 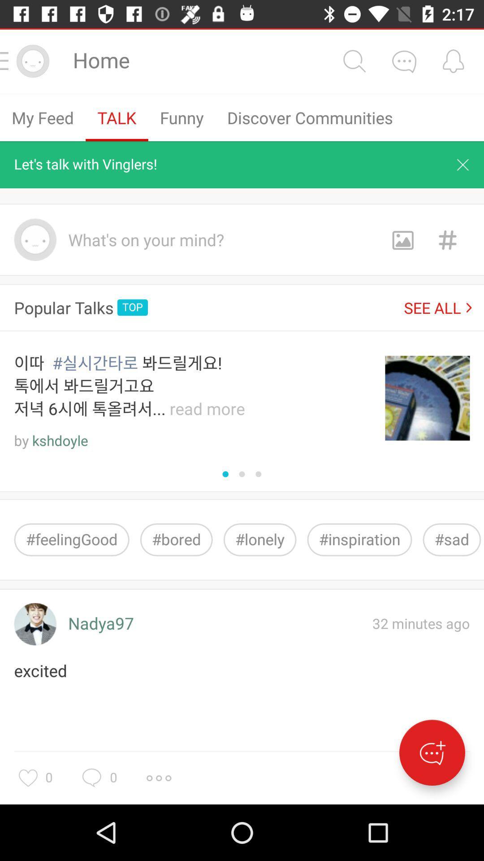 I want to click on images, so click(x=402, y=239).